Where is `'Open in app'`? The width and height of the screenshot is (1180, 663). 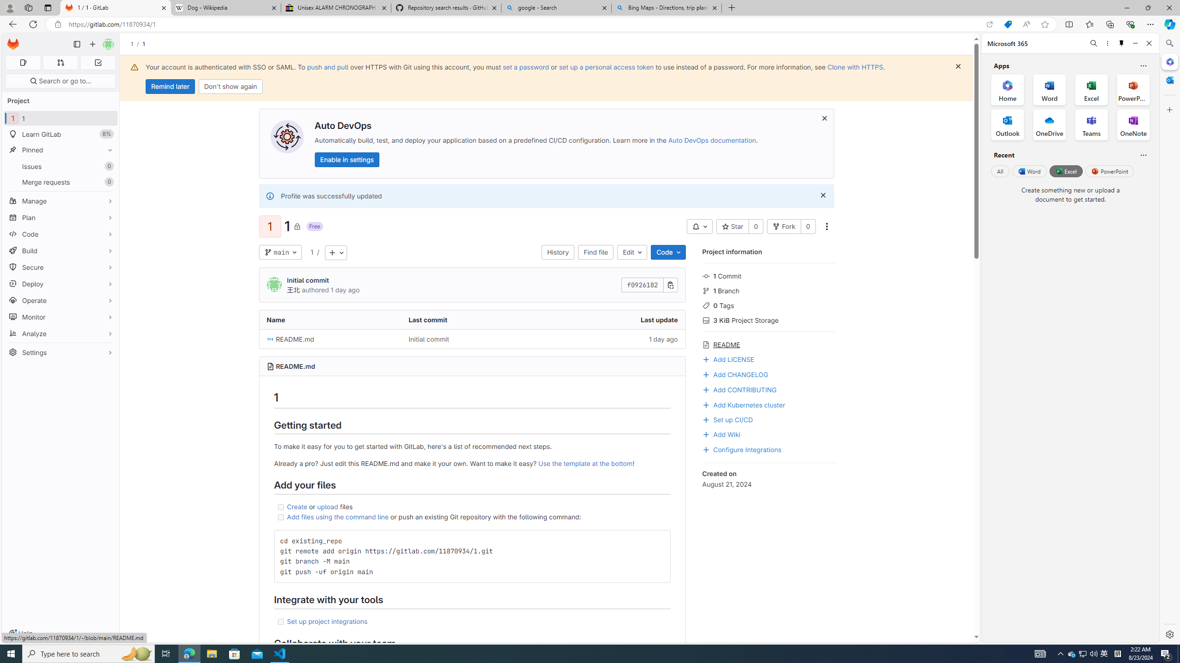 'Open in app' is located at coordinates (989, 24).